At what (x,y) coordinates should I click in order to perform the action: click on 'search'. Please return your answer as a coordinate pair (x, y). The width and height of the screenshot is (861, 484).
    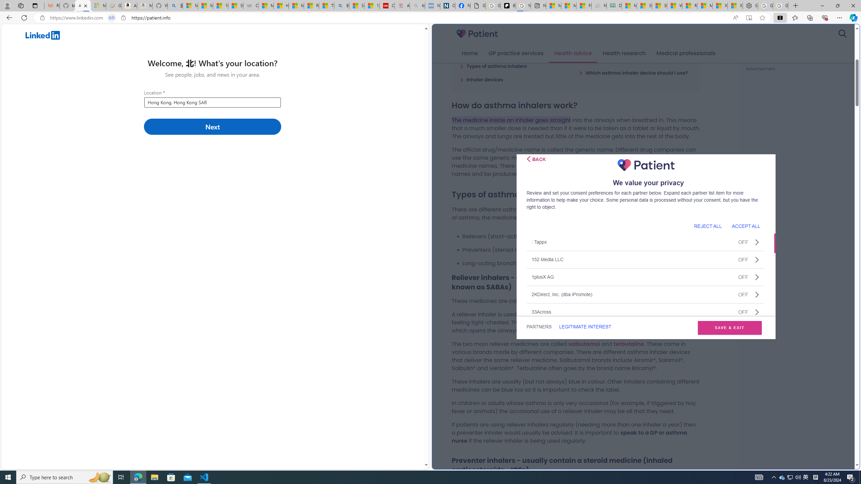
    Looking at the image, I should click on (842, 33).